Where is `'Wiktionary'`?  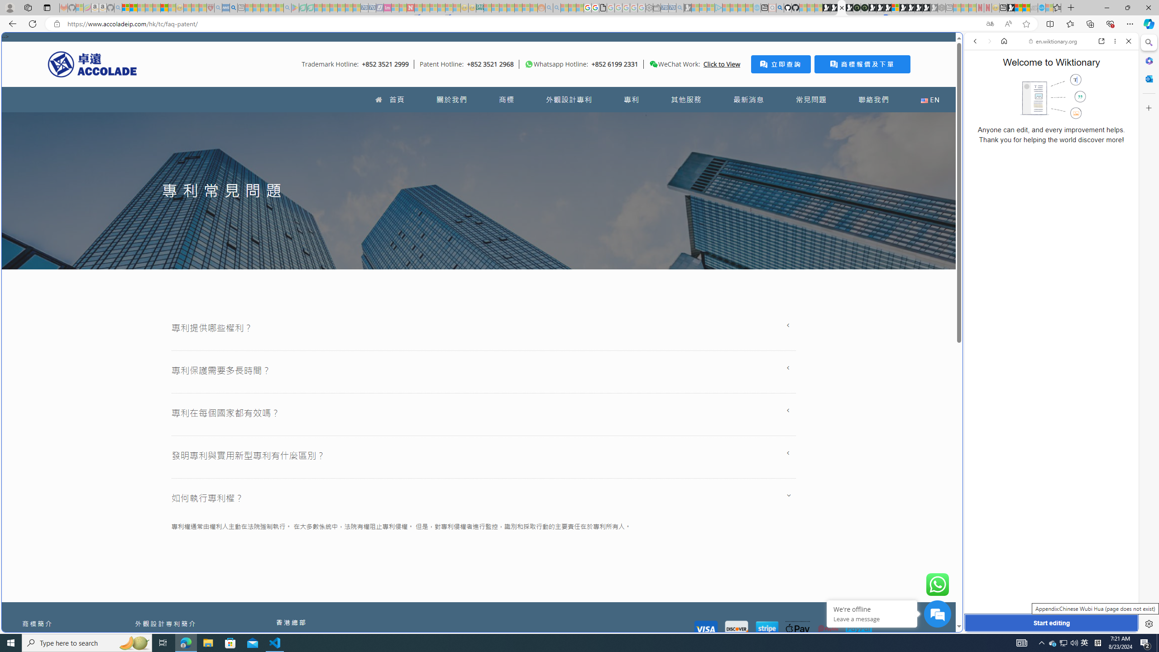
'Wiktionary' is located at coordinates (1048, 303).